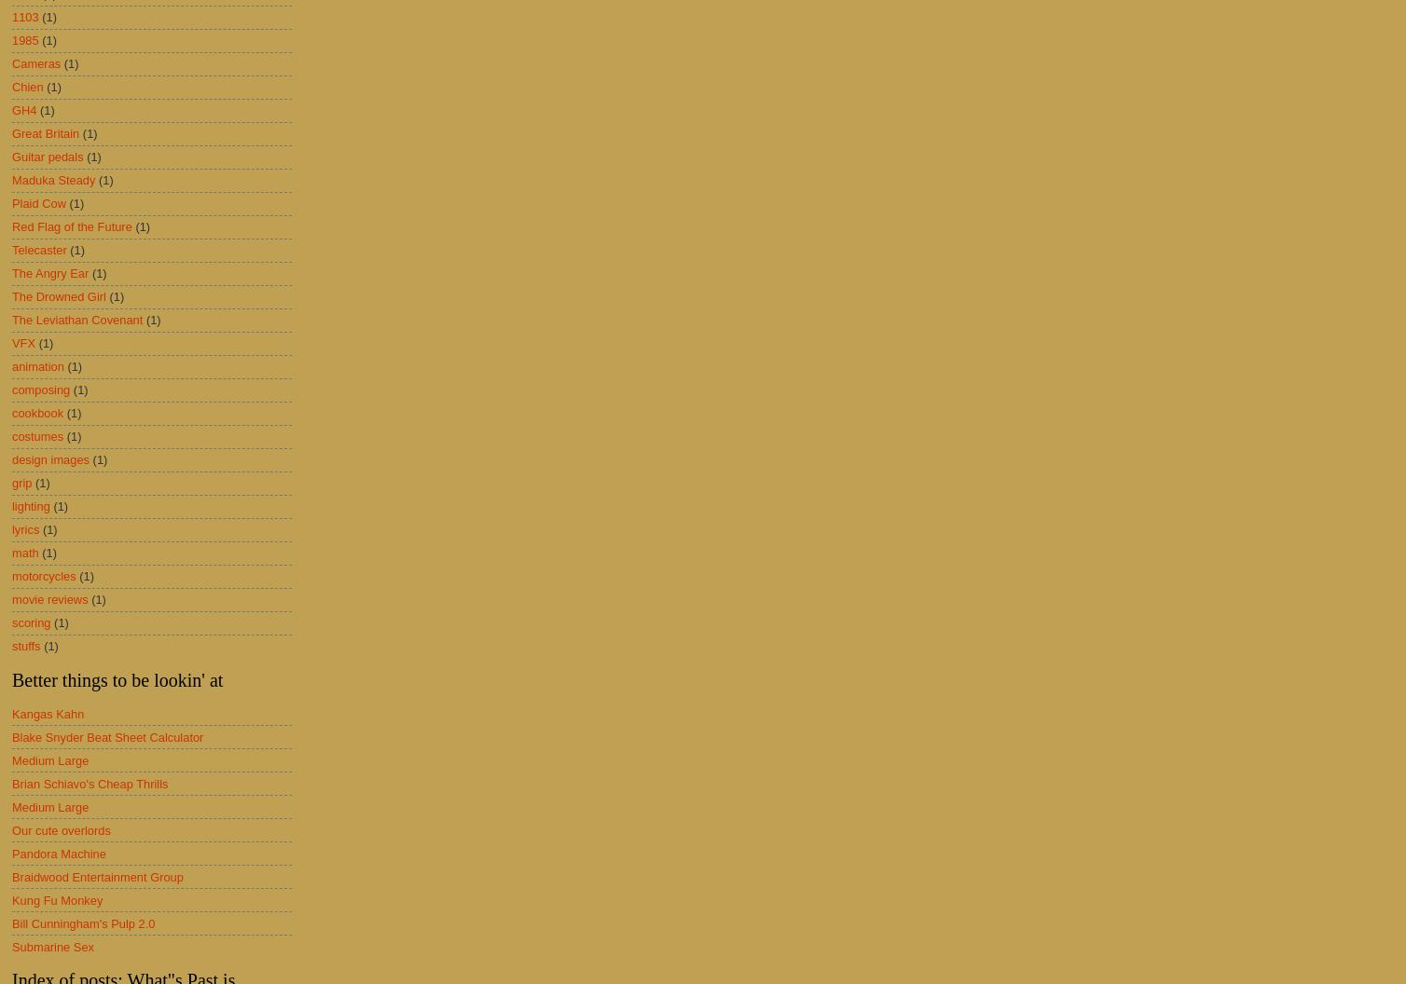  What do you see at coordinates (59, 852) in the screenshot?
I see `'Pandora Machine'` at bounding box center [59, 852].